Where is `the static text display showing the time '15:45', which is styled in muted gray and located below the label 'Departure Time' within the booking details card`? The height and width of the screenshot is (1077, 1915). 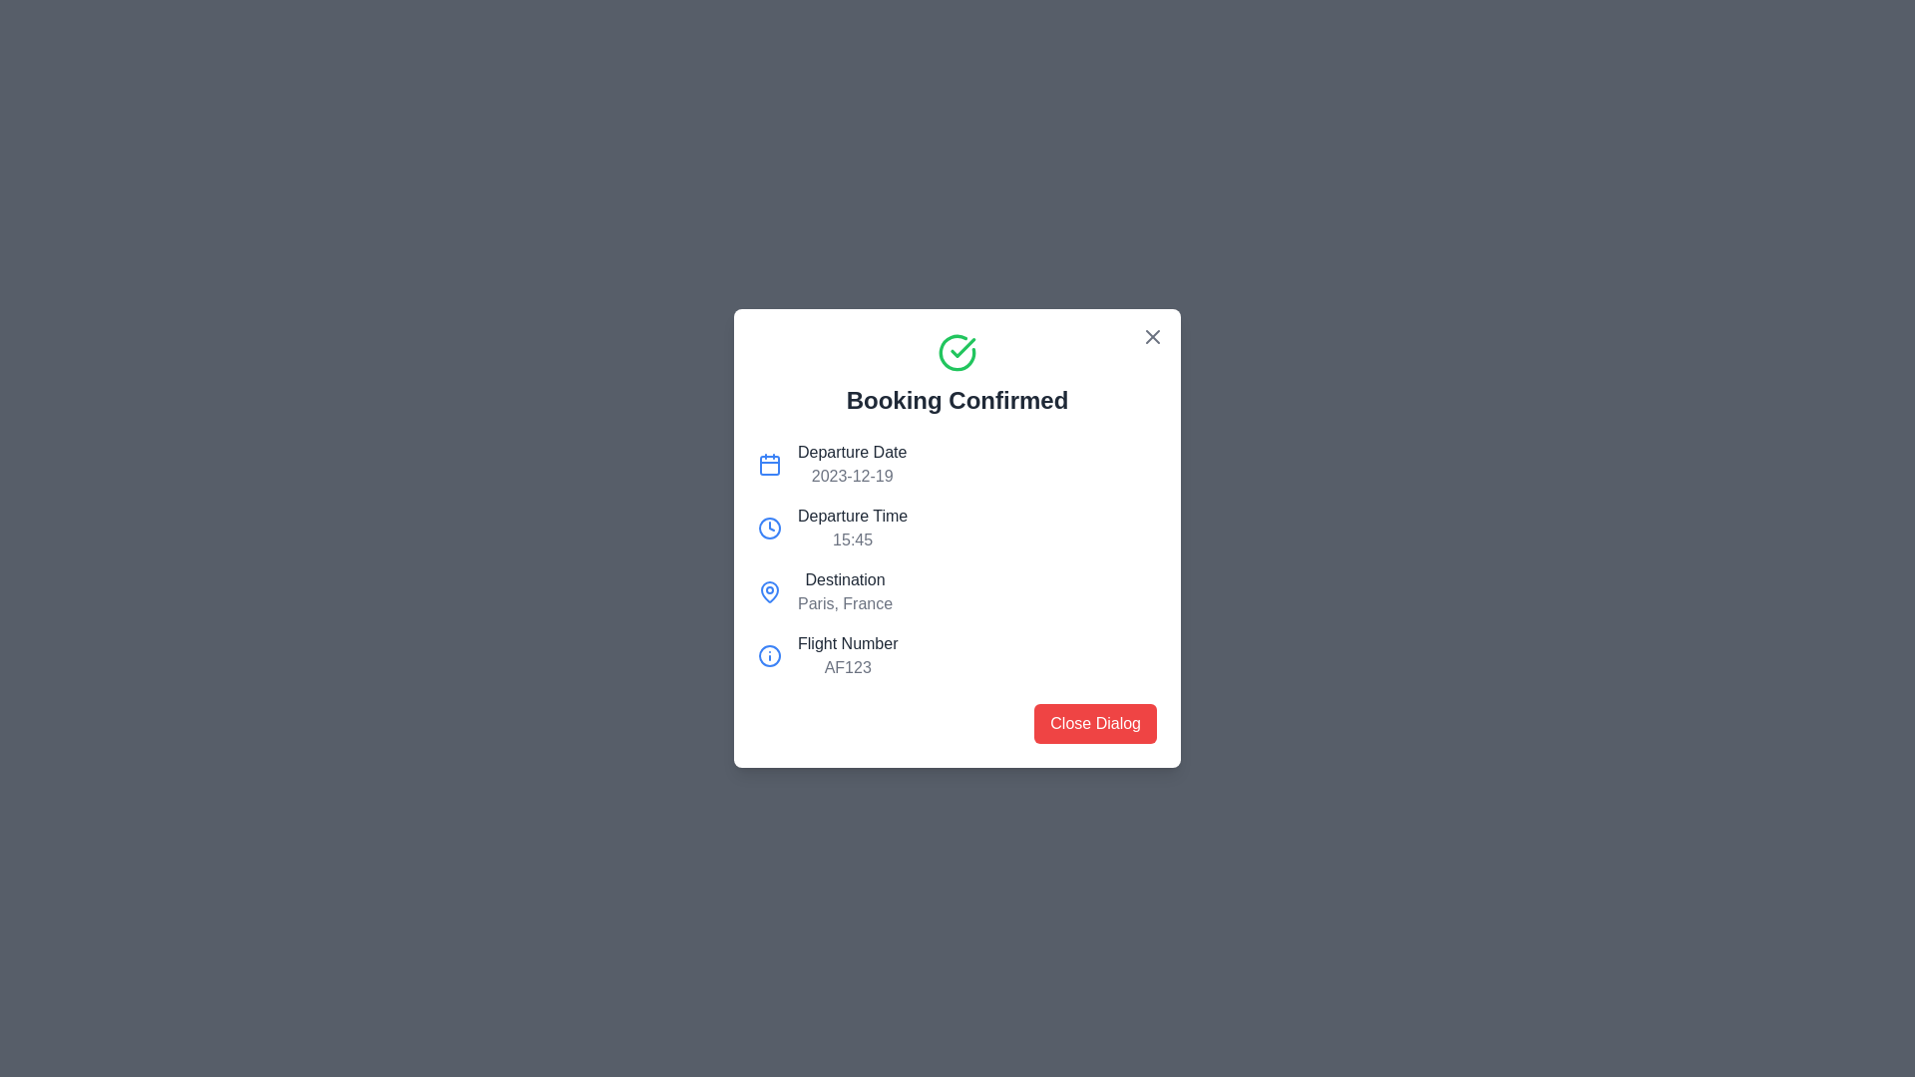
the static text display showing the time '15:45', which is styled in muted gray and located below the label 'Departure Time' within the booking details card is located at coordinates (853, 540).